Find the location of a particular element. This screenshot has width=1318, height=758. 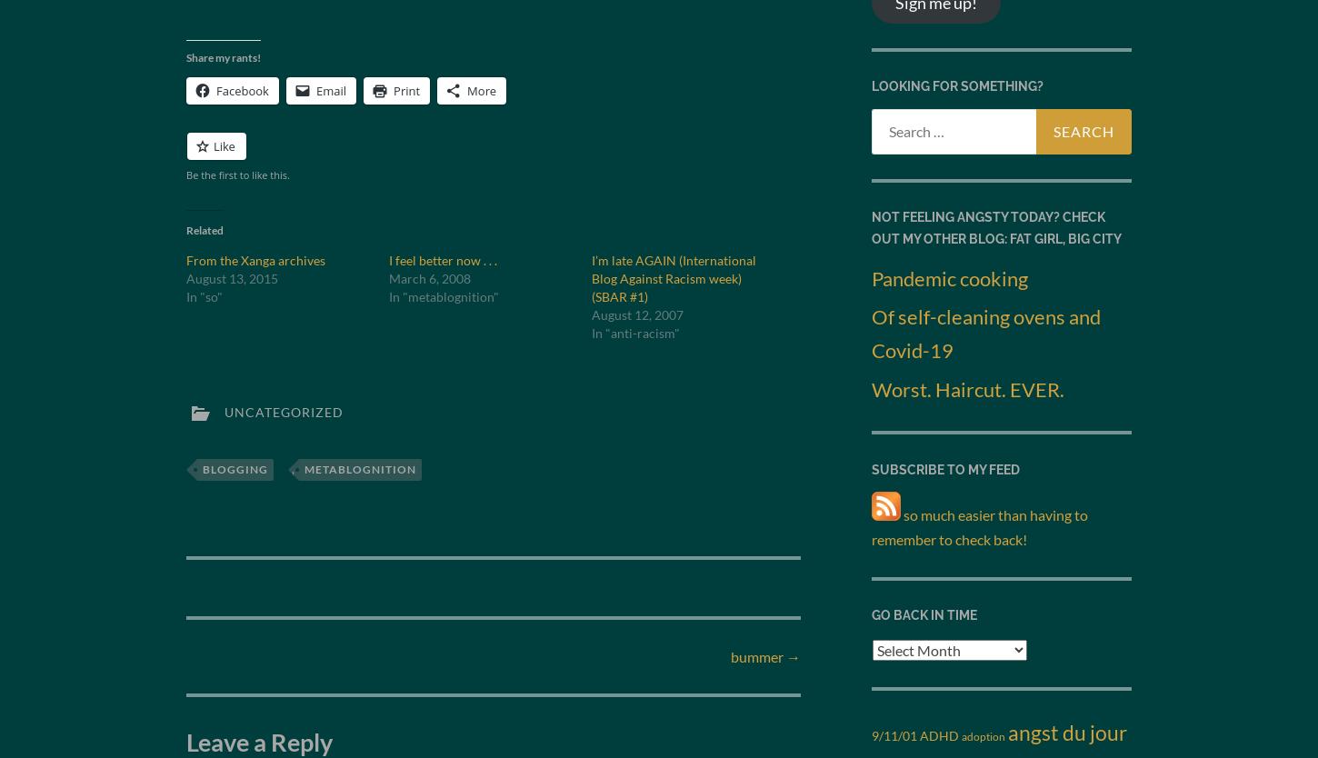

',' is located at coordinates (295, 467).